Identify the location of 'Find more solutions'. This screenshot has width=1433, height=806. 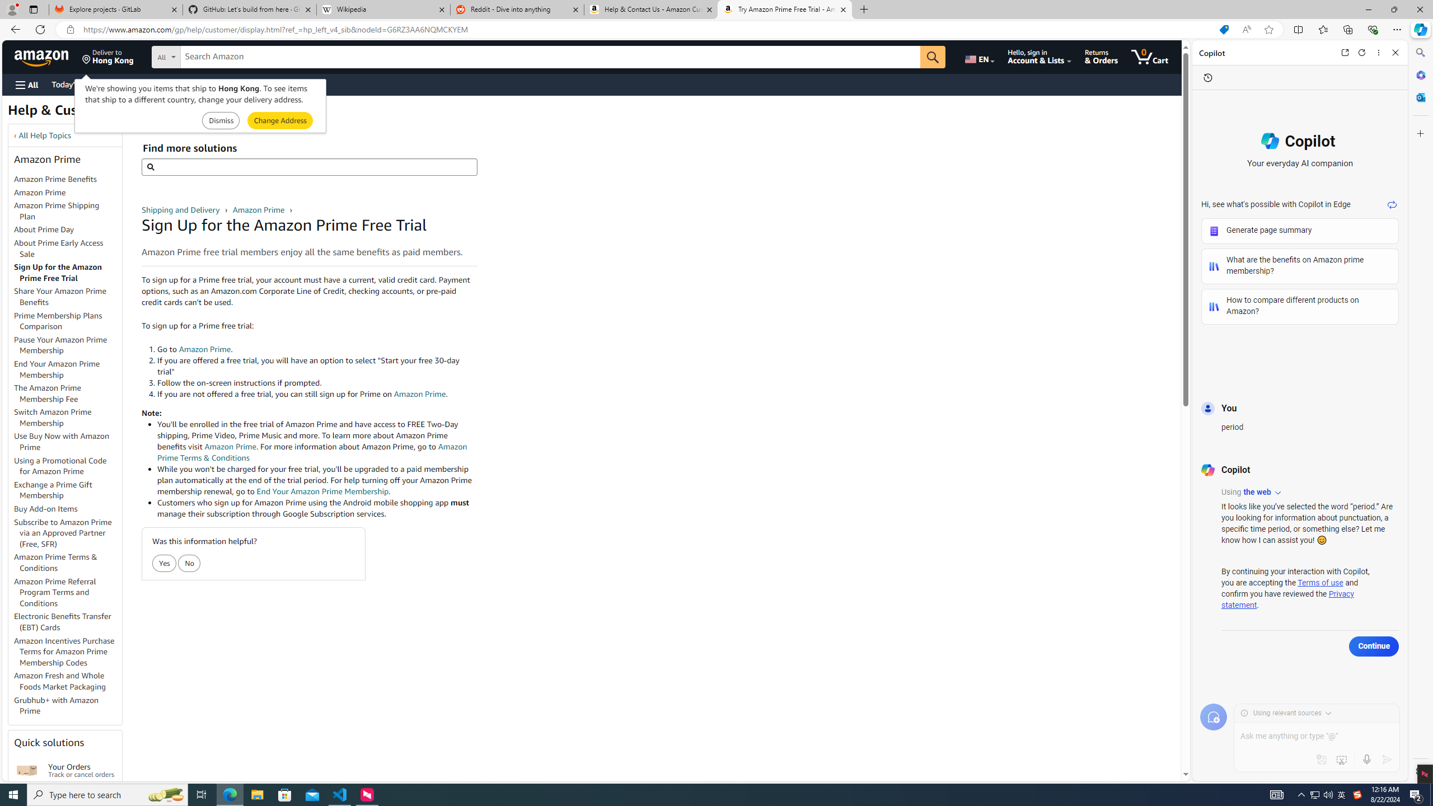
(308, 167).